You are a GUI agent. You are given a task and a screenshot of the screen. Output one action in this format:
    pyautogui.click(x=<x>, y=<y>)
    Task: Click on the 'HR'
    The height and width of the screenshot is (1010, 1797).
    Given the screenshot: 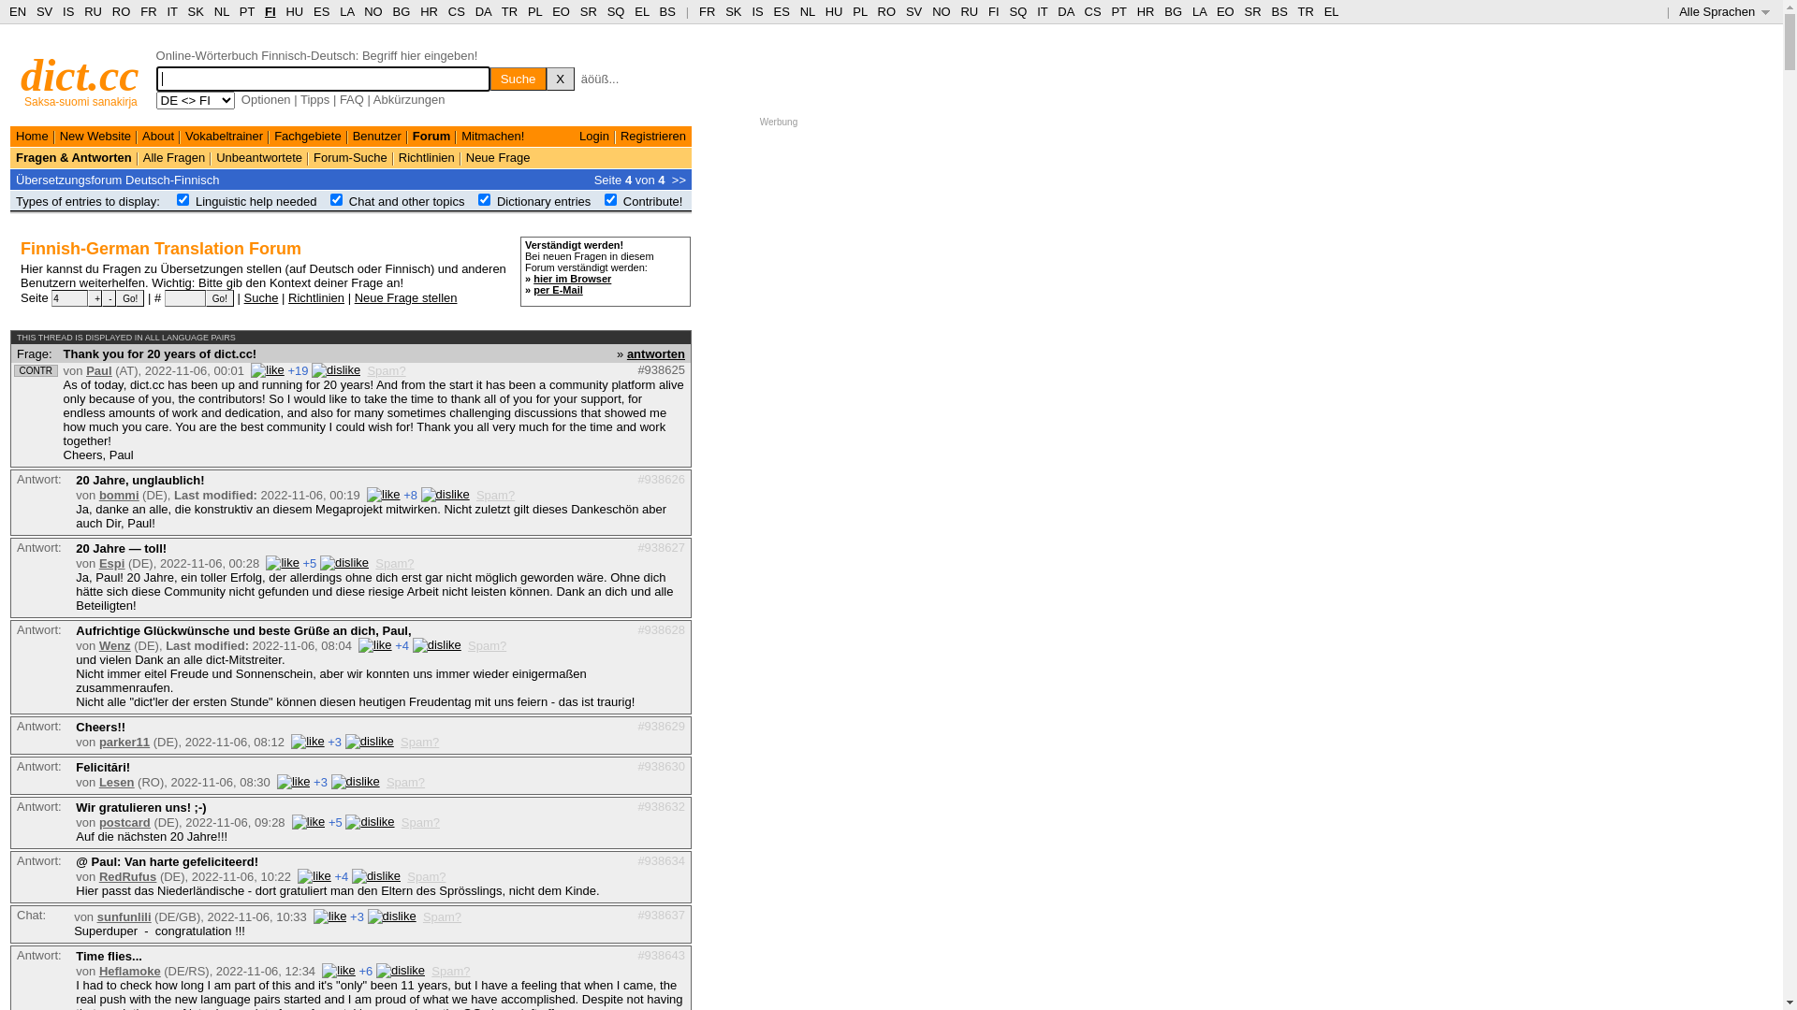 What is the action you would take?
    pyautogui.click(x=428, y=11)
    